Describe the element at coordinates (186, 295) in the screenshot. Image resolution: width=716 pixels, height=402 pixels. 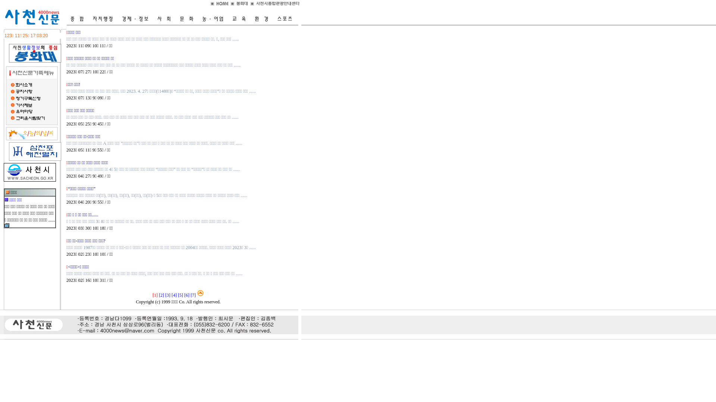
I see `'[6]'` at that location.